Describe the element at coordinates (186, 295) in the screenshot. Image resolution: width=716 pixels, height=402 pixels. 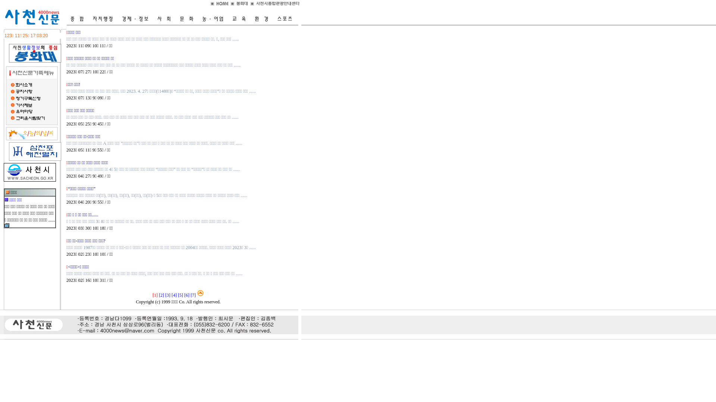
I see `'[6]'` at that location.